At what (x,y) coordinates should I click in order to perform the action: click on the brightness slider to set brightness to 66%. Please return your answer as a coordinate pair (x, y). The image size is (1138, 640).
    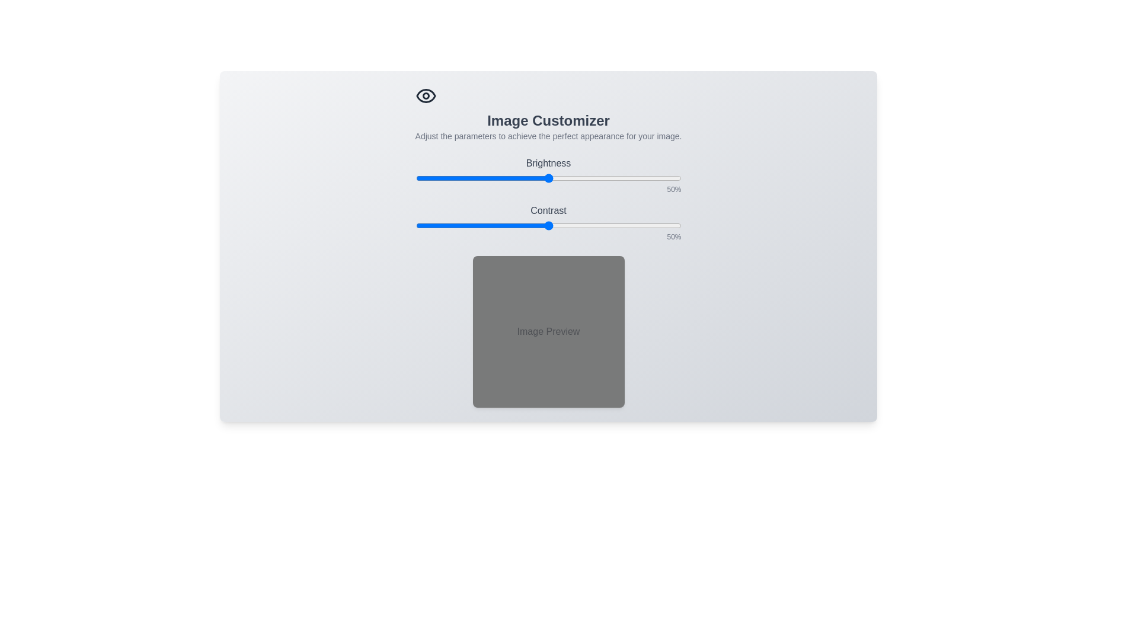
    Looking at the image, I should click on (591, 178).